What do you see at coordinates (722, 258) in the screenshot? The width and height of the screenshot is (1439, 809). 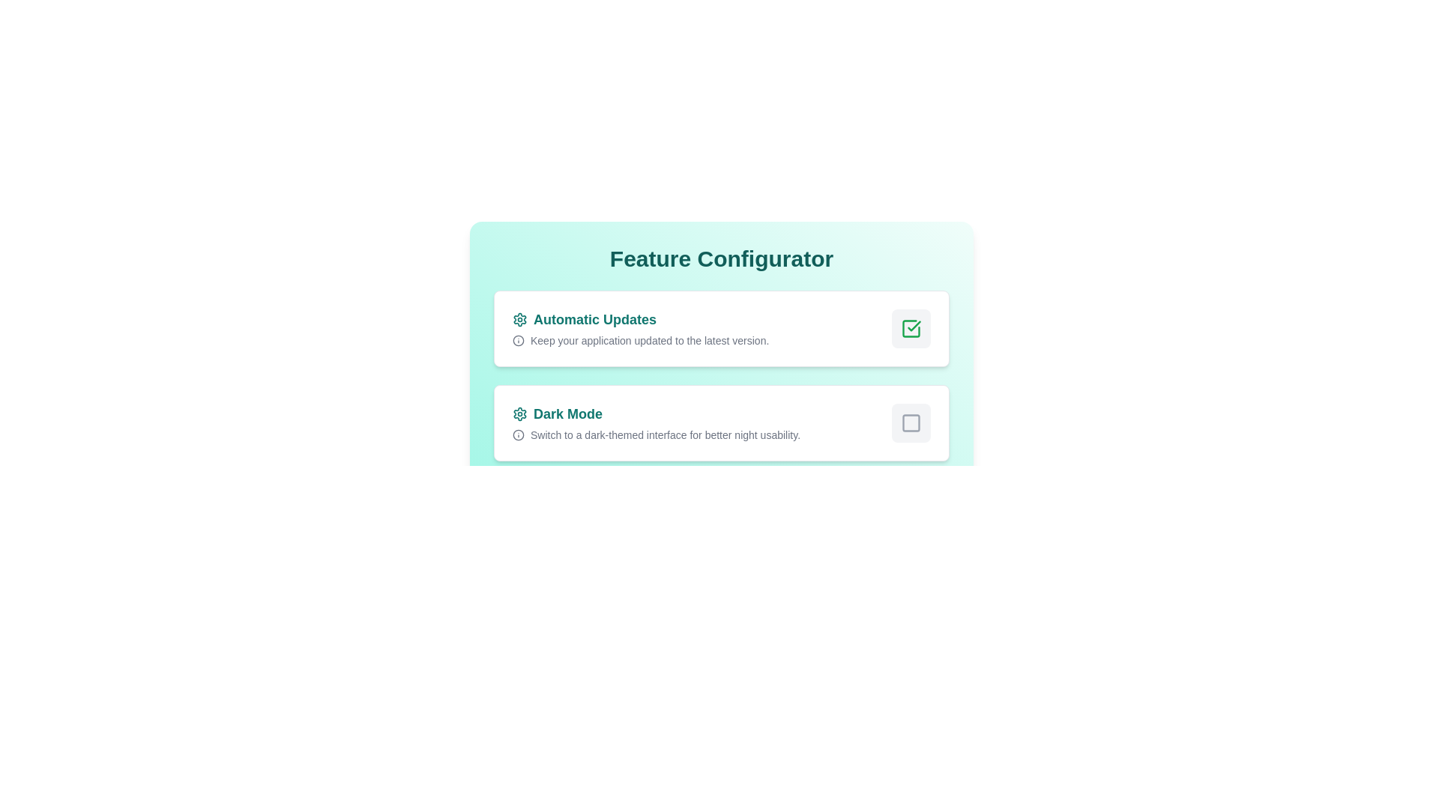 I see `text from the centered heading element that displays 'Feature Configurator', which is bold and styled with a large teal font against a gradient teal background` at bounding box center [722, 258].